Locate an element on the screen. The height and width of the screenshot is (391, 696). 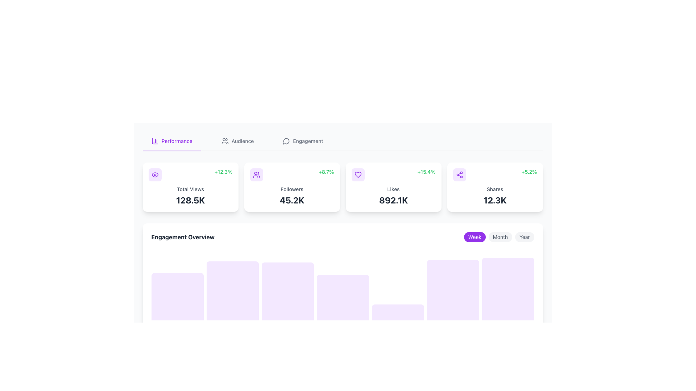
the fifth column of the Visualization Bar, which has a purple background and rounded top corners, and is the shortest among its siblings is located at coordinates (397, 312).